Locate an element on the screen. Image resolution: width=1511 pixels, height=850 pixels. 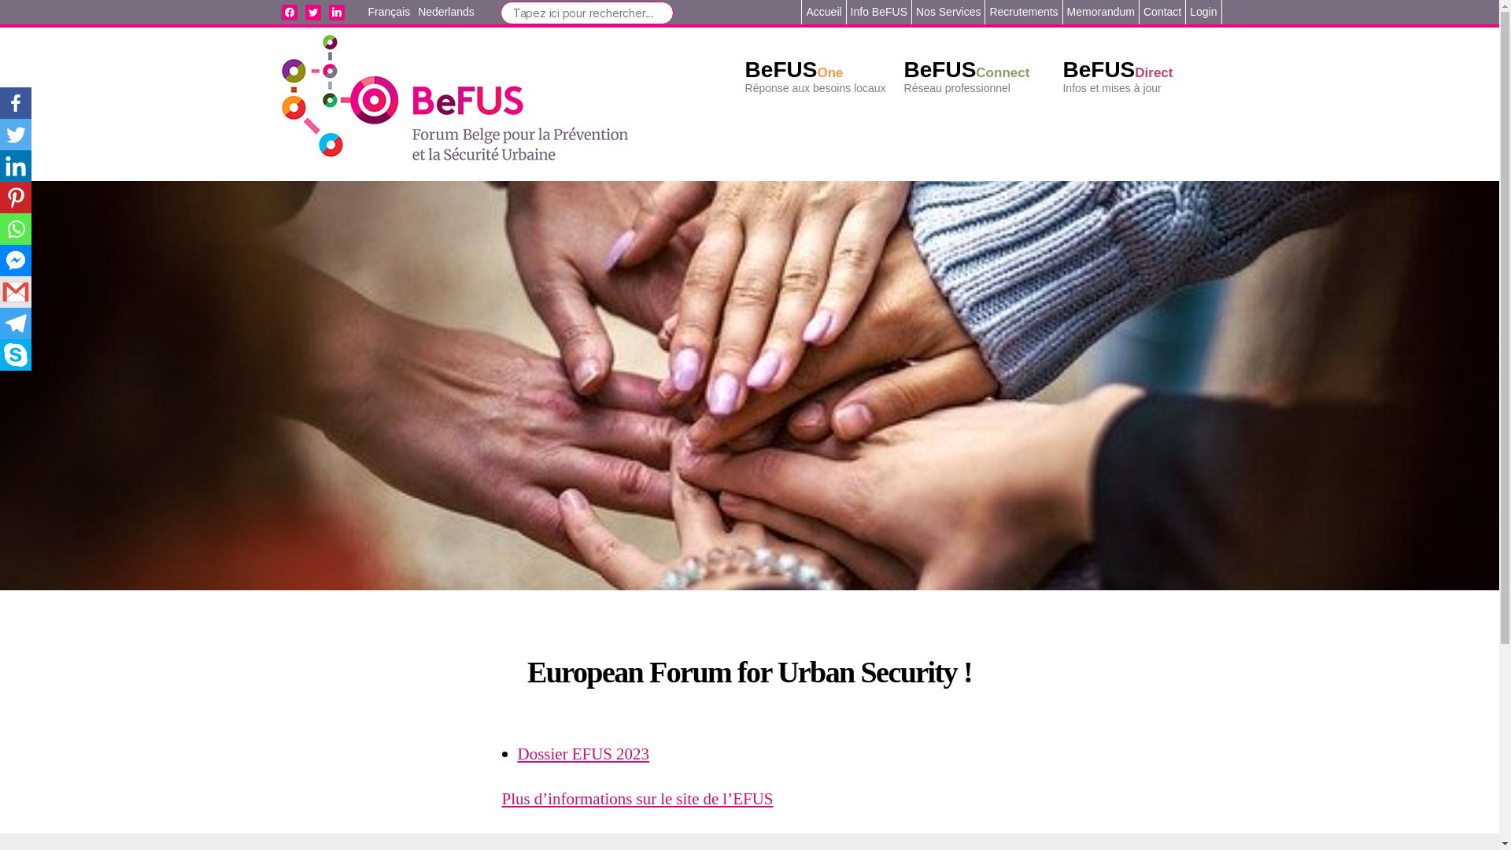
'Telegram' is located at coordinates (15, 323).